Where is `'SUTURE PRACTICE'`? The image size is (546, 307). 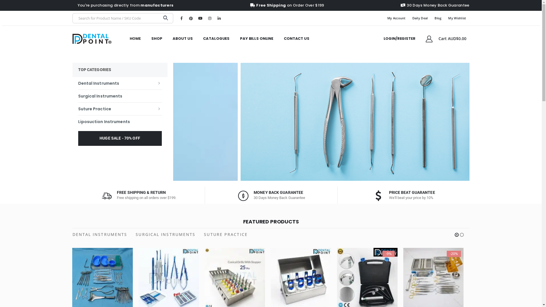
'SUTURE PRACTICE' is located at coordinates (225, 235).